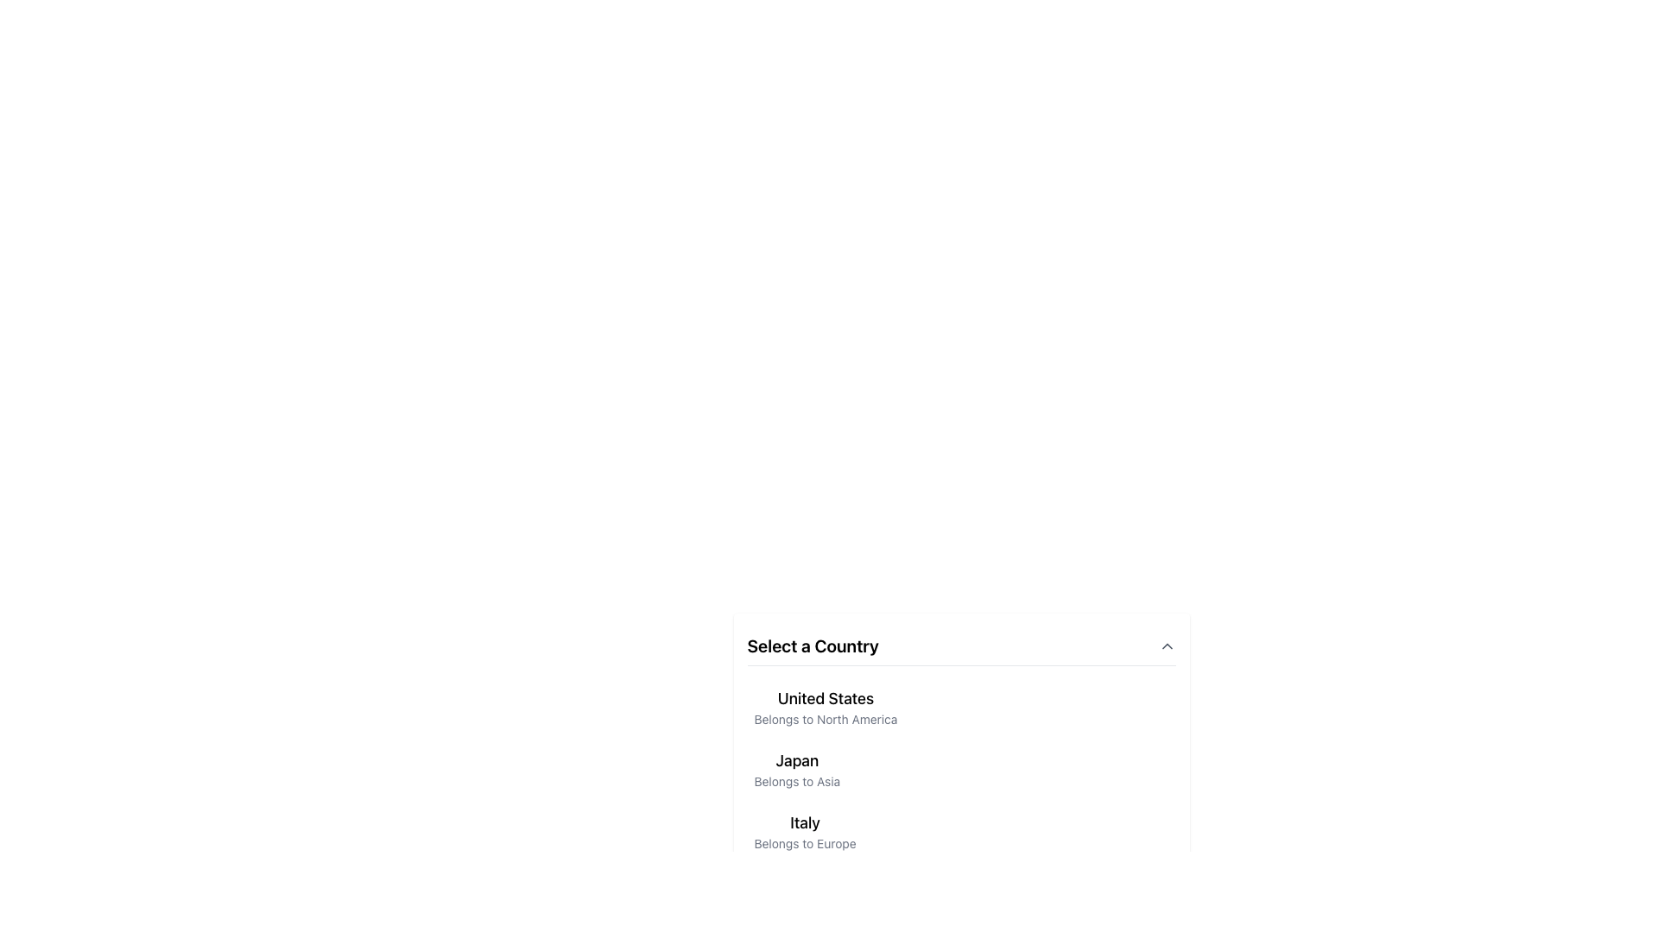 Image resolution: width=1658 pixels, height=932 pixels. Describe the element at coordinates (825, 708) in the screenshot. I see `displayed text of the first list item labeled 'United States' under the header 'Select a Country'` at that location.